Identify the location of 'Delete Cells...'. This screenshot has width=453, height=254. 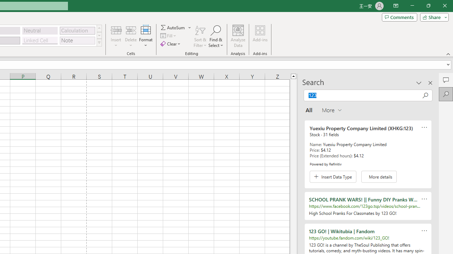
(131, 30).